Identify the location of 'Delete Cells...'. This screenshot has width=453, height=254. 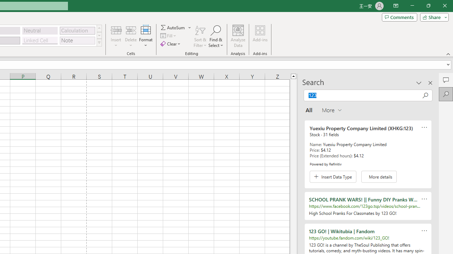
(131, 30).